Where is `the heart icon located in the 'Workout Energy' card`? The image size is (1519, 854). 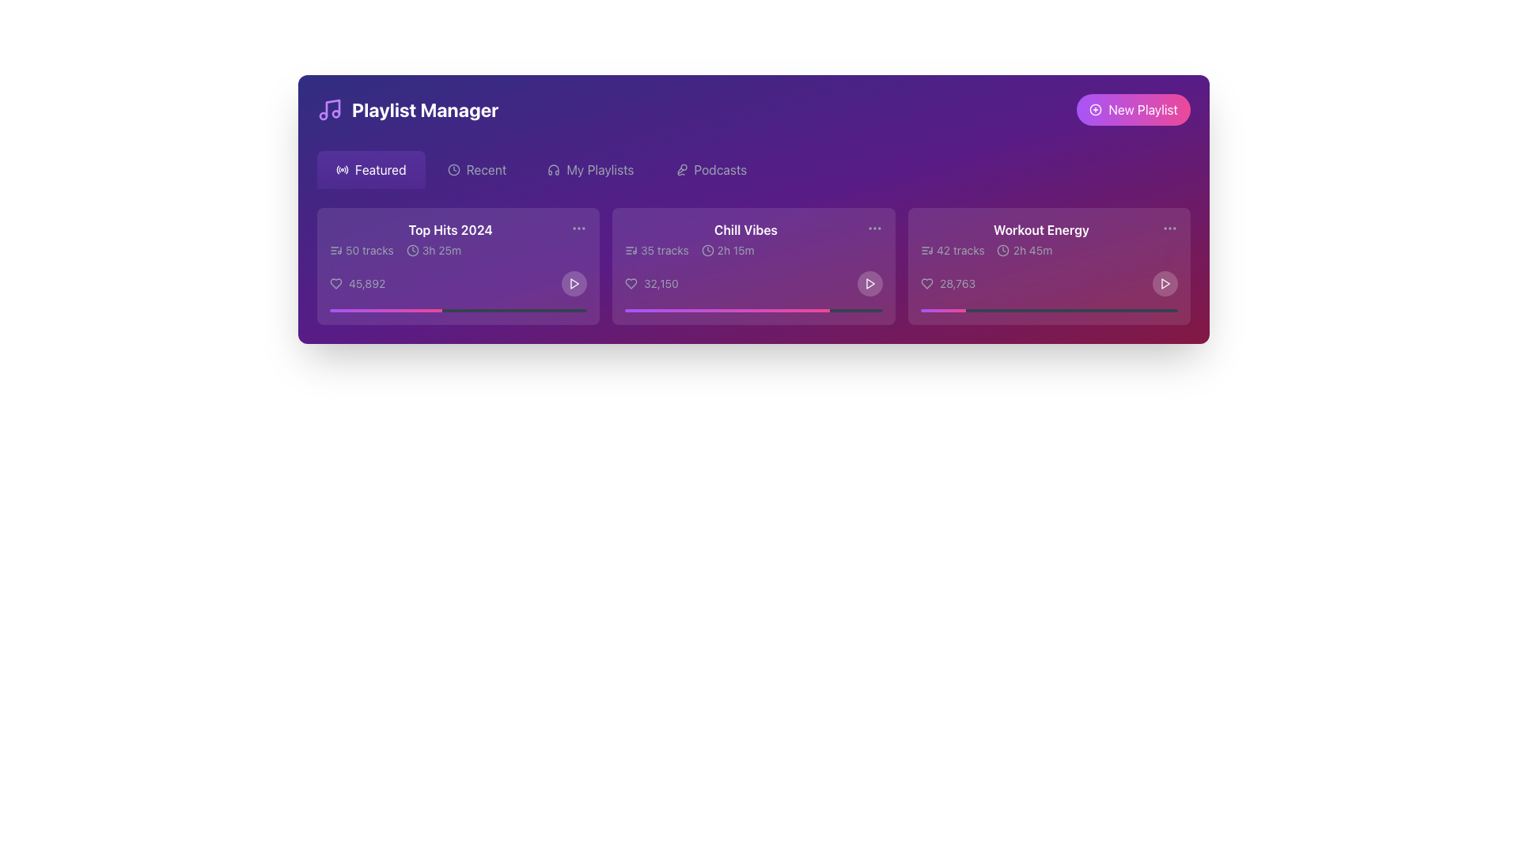
the heart icon located in the 'Workout Energy' card is located at coordinates (926, 282).